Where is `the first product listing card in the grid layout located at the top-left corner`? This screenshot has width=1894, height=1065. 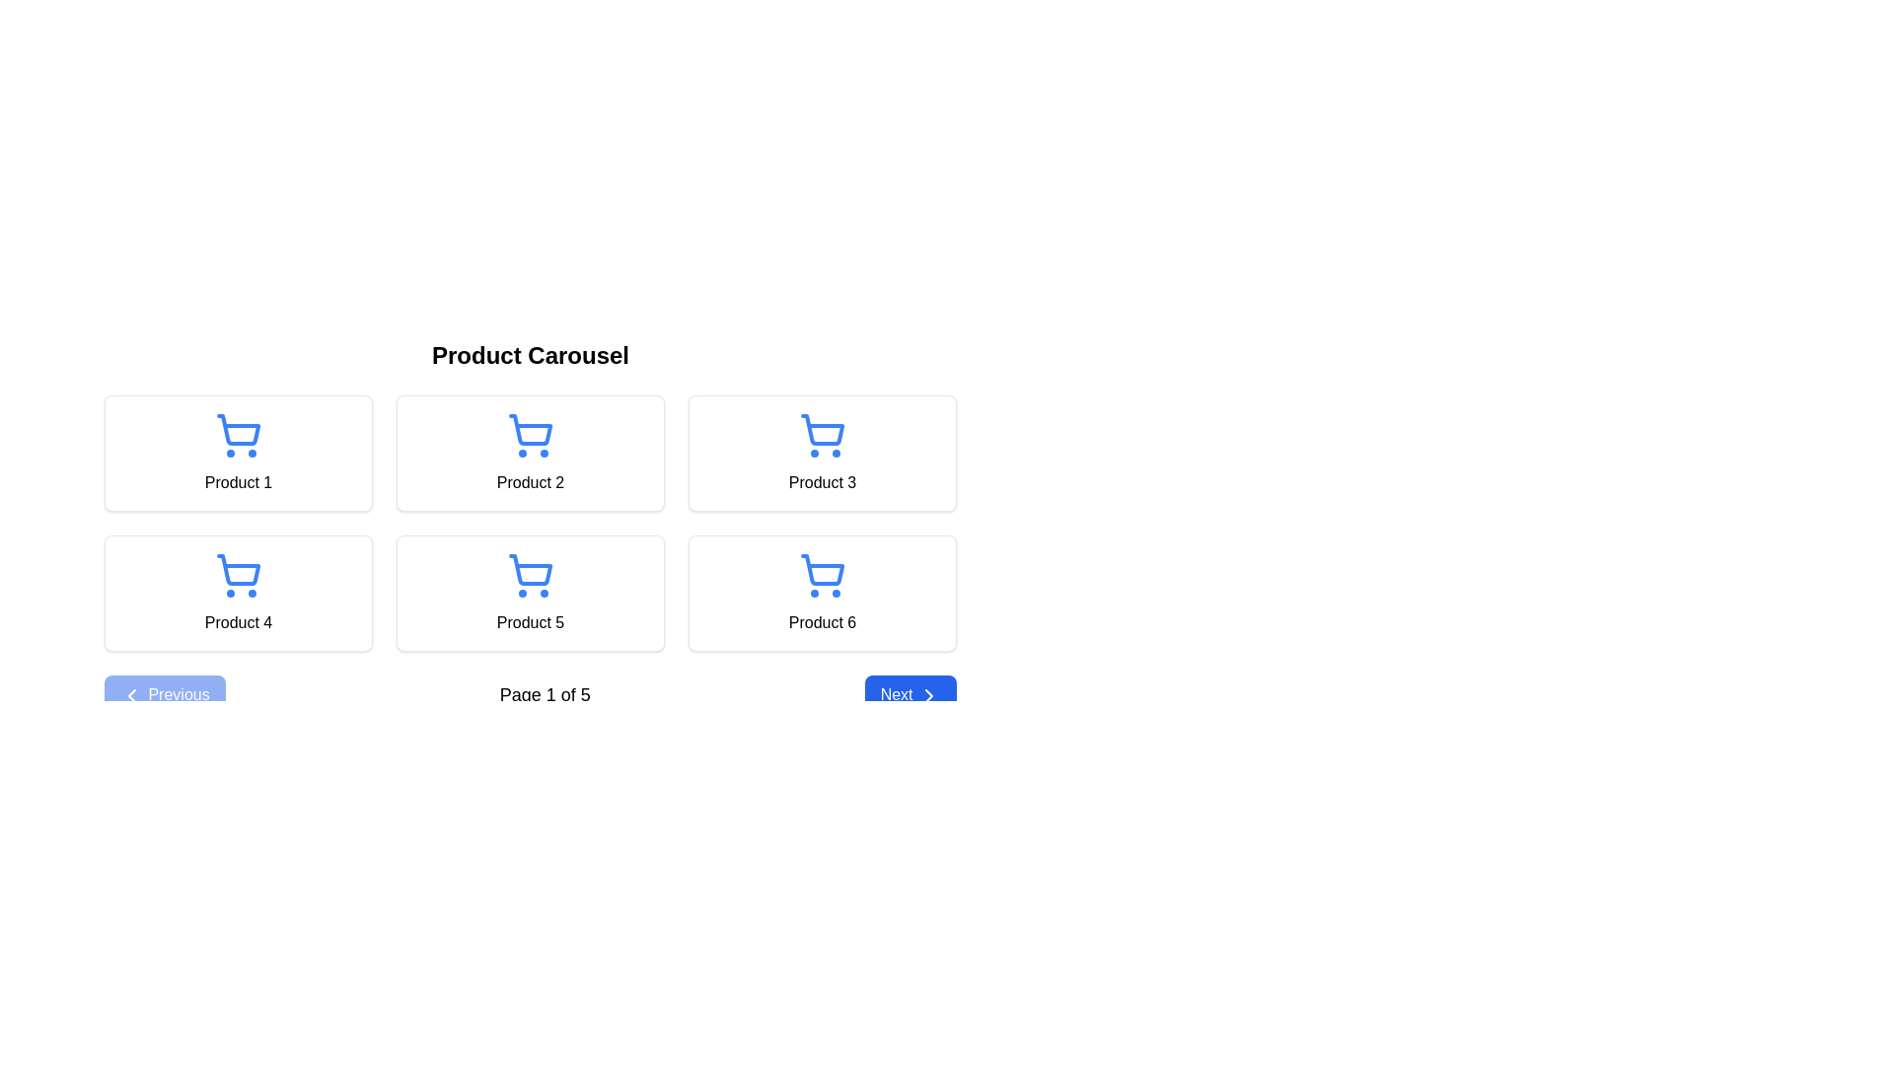
the first product listing card in the grid layout located at the top-left corner is located at coordinates (237, 453).